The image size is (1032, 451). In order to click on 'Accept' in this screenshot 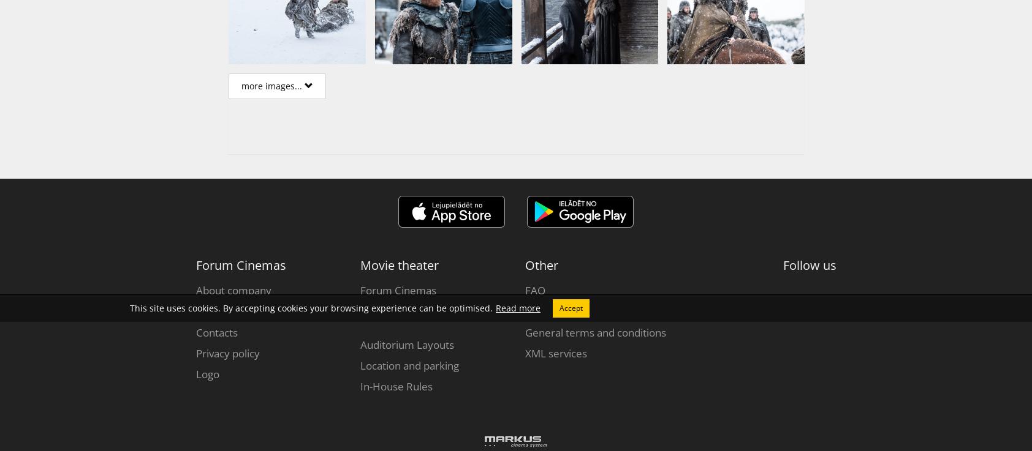, I will do `click(570, 307)`.